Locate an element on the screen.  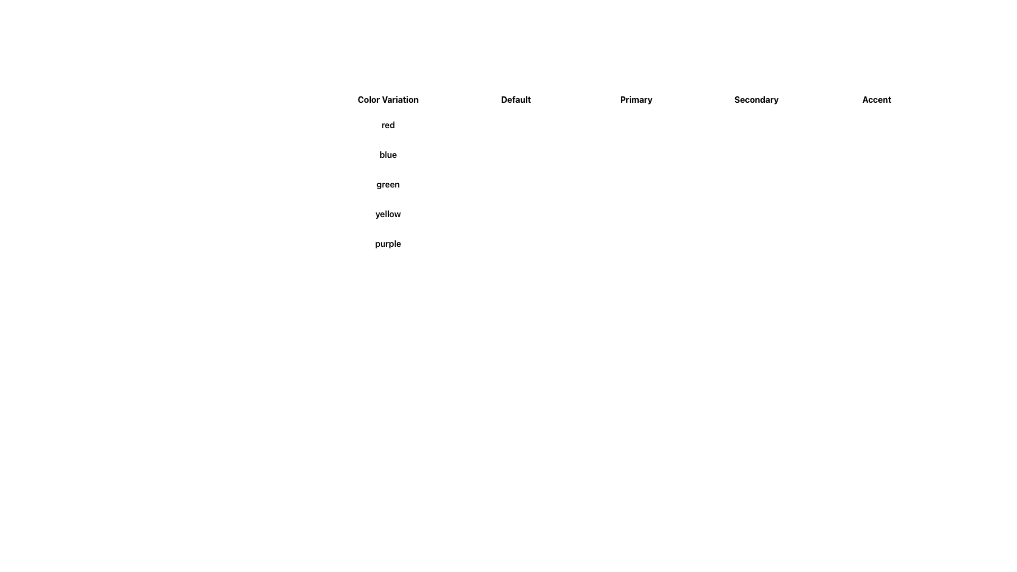
the button in the 'Primary' column adjacent to the 'red' row in the 'Color Variation' column is located at coordinates (604, 124).